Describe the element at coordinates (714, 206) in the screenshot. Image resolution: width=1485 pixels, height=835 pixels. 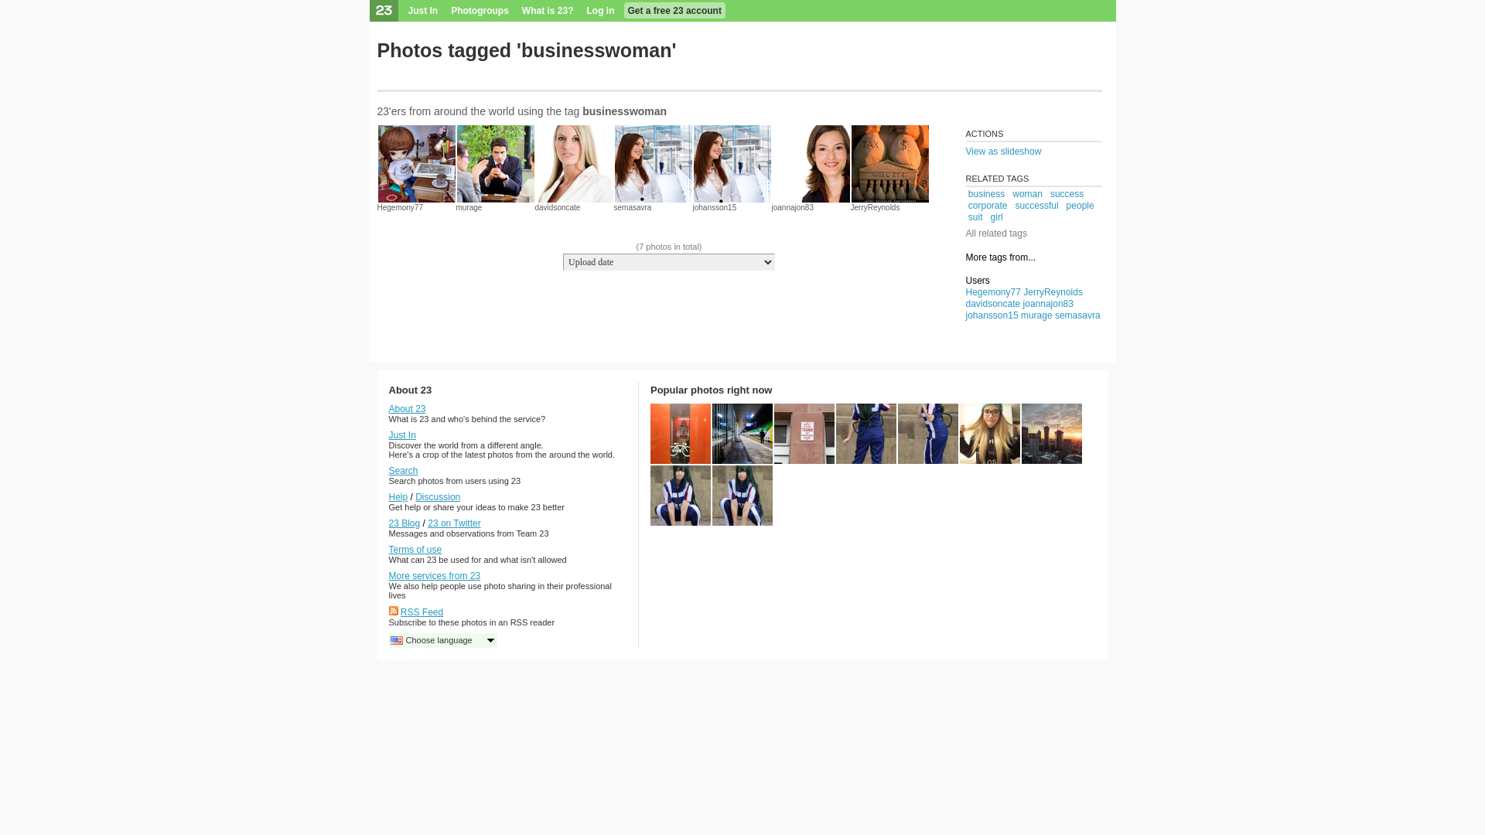
I see `'johansson15'` at that location.